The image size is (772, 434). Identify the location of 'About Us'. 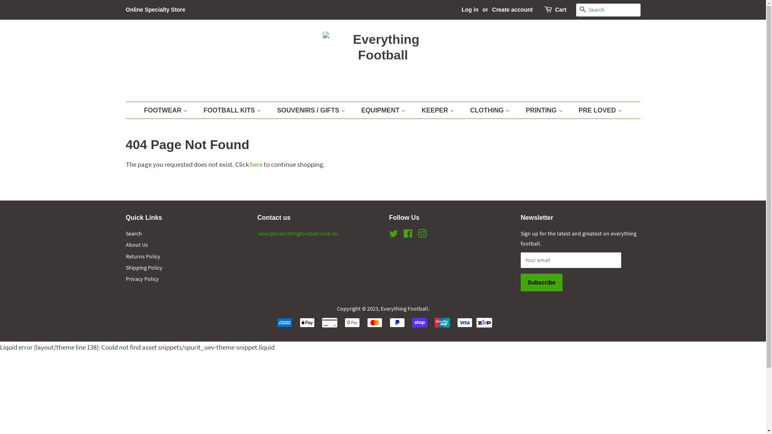
(136, 244).